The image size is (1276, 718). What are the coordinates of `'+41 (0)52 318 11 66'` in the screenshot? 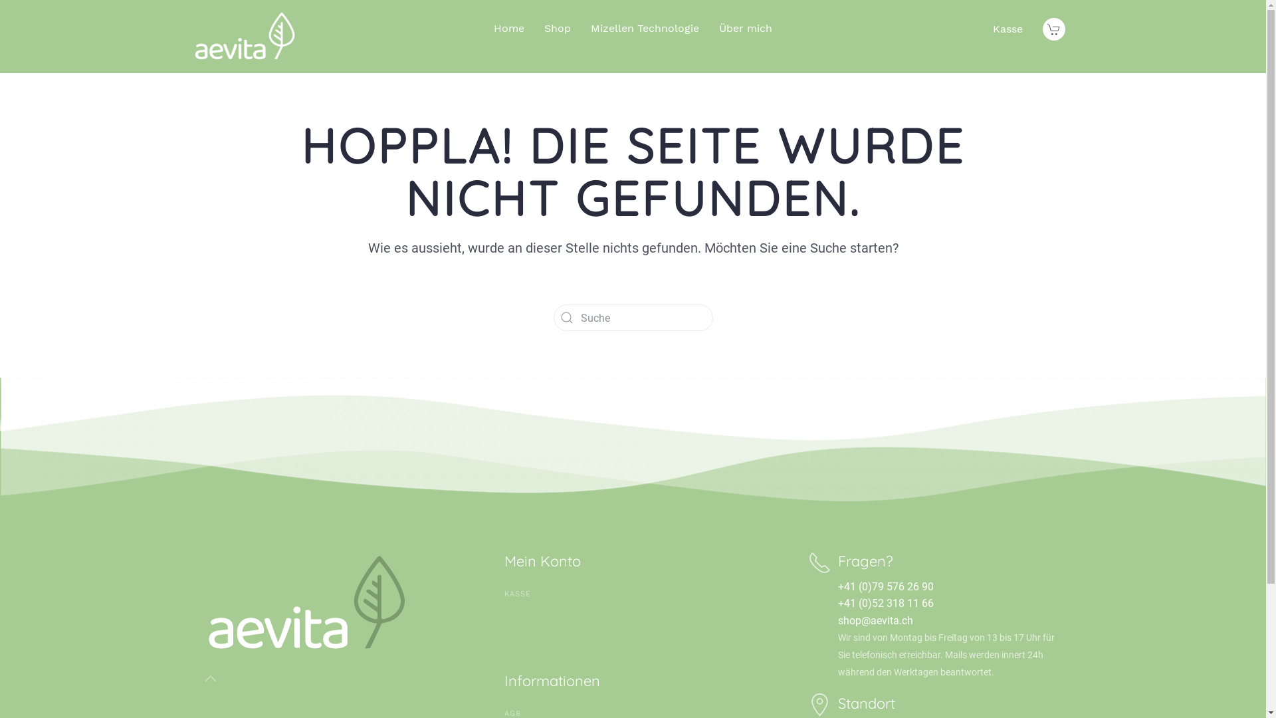 It's located at (886, 603).